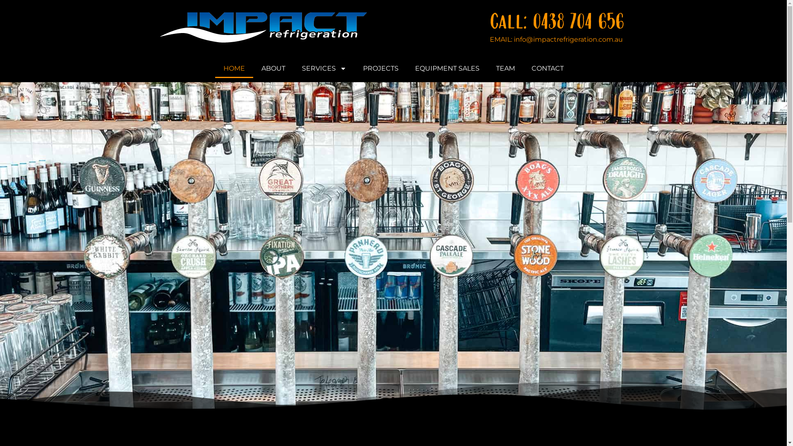  Describe the element at coordinates (547, 68) in the screenshot. I see `'CONTACT'` at that location.